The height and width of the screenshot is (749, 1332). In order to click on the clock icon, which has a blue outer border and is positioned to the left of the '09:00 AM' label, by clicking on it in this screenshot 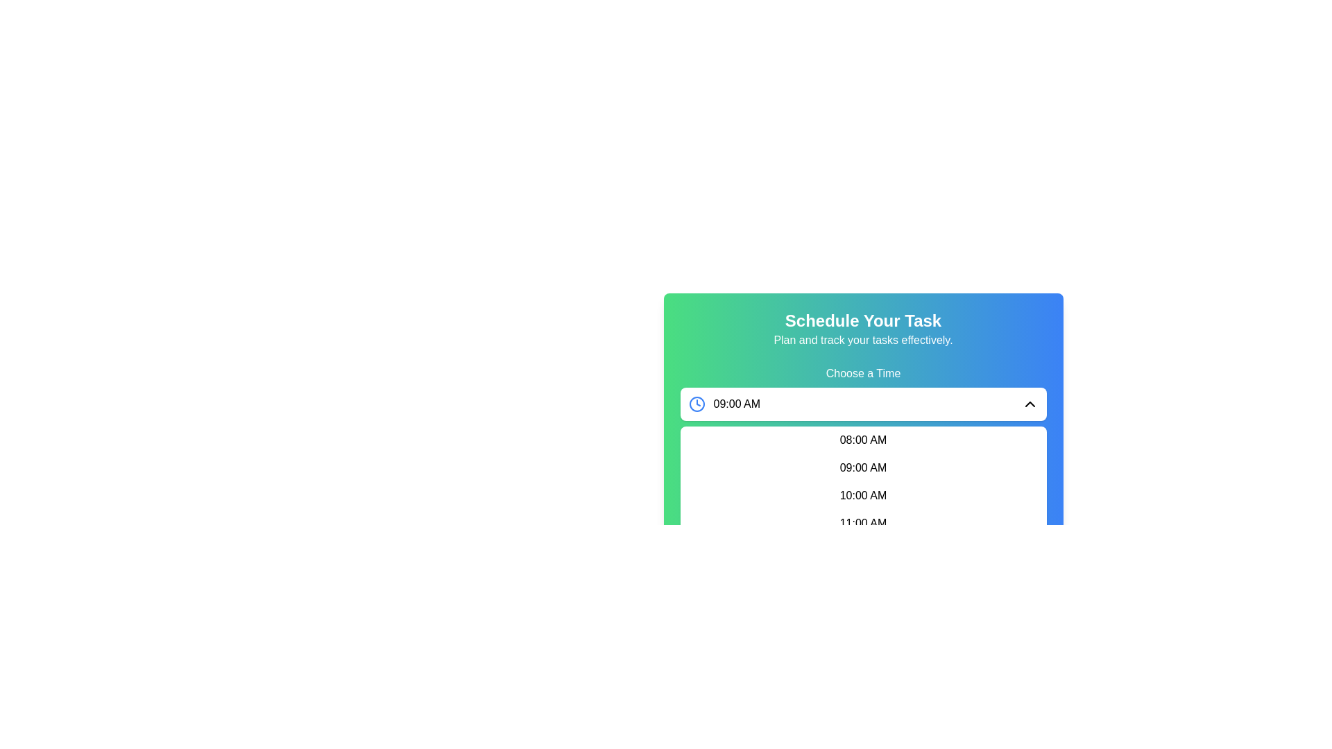, I will do `click(697, 404)`.